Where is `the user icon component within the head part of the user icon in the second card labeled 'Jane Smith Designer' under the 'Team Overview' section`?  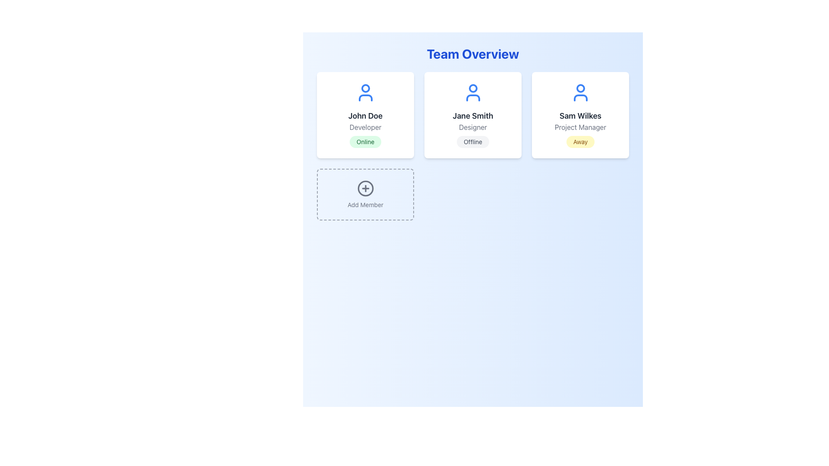 the user icon component within the head part of the user icon in the second card labeled 'Jane Smith Designer' under the 'Team Overview' section is located at coordinates (472, 88).